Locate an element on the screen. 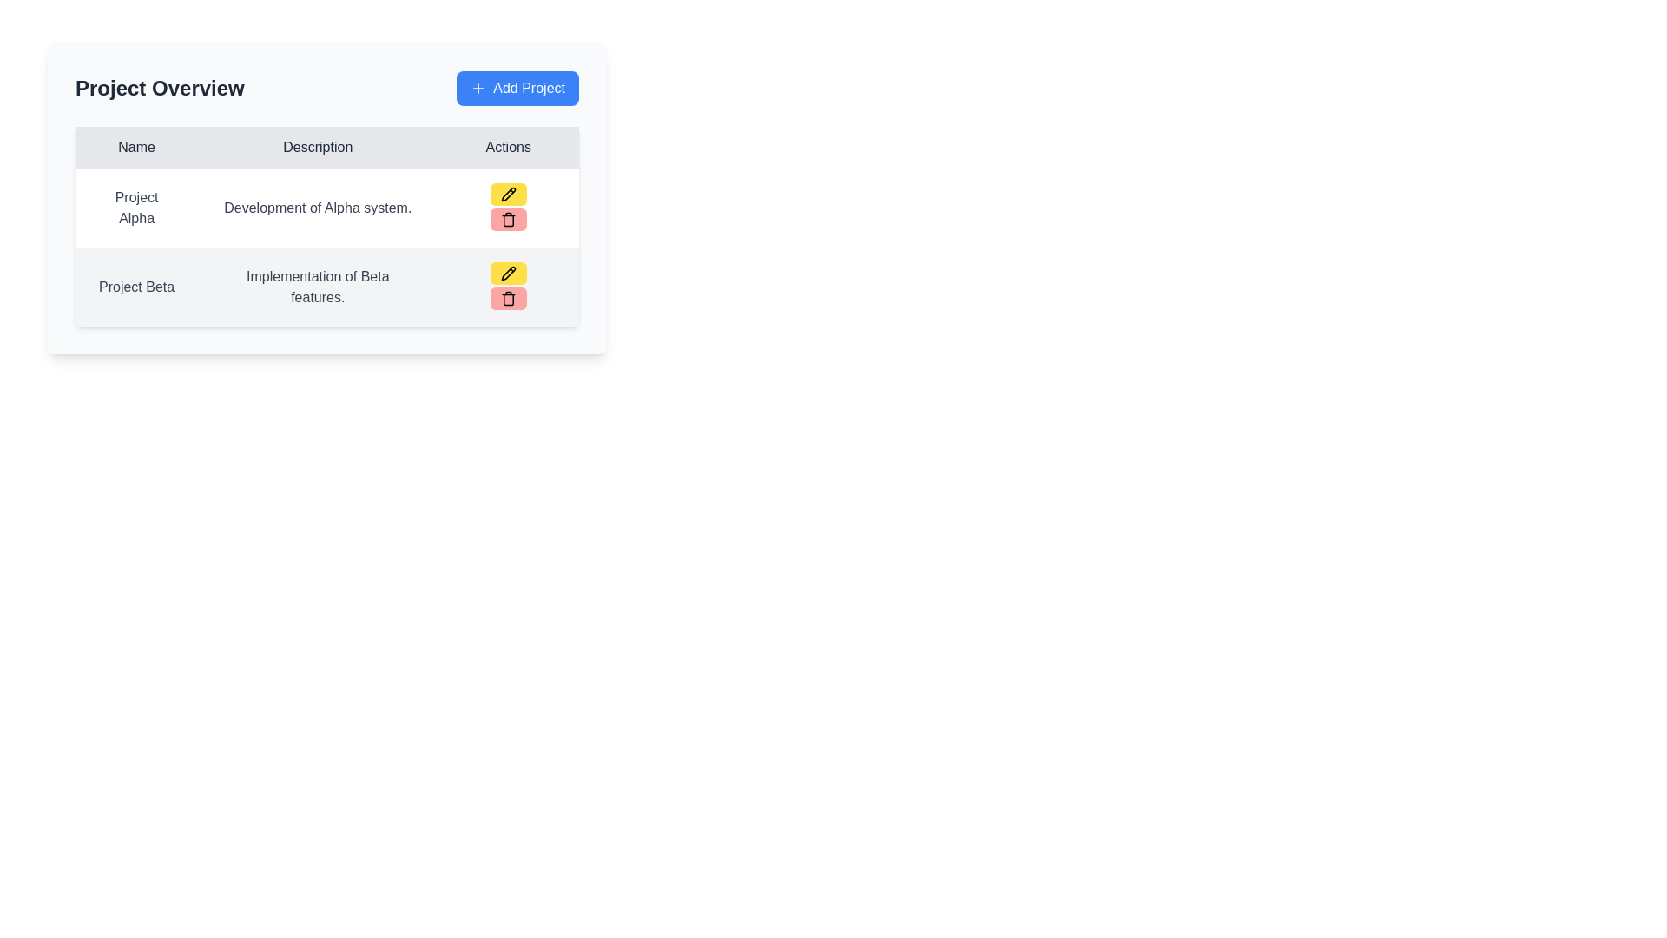  the static text element displaying 'Development of Alpha system,' located in the 'Description' column of the first data row in the table is located at coordinates (327, 197).